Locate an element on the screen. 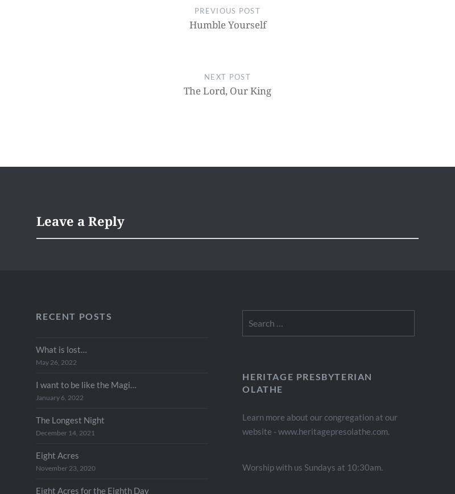 This screenshot has height=494, width=455. 'The Lord, Our King' is located at coordinates (227, 90).